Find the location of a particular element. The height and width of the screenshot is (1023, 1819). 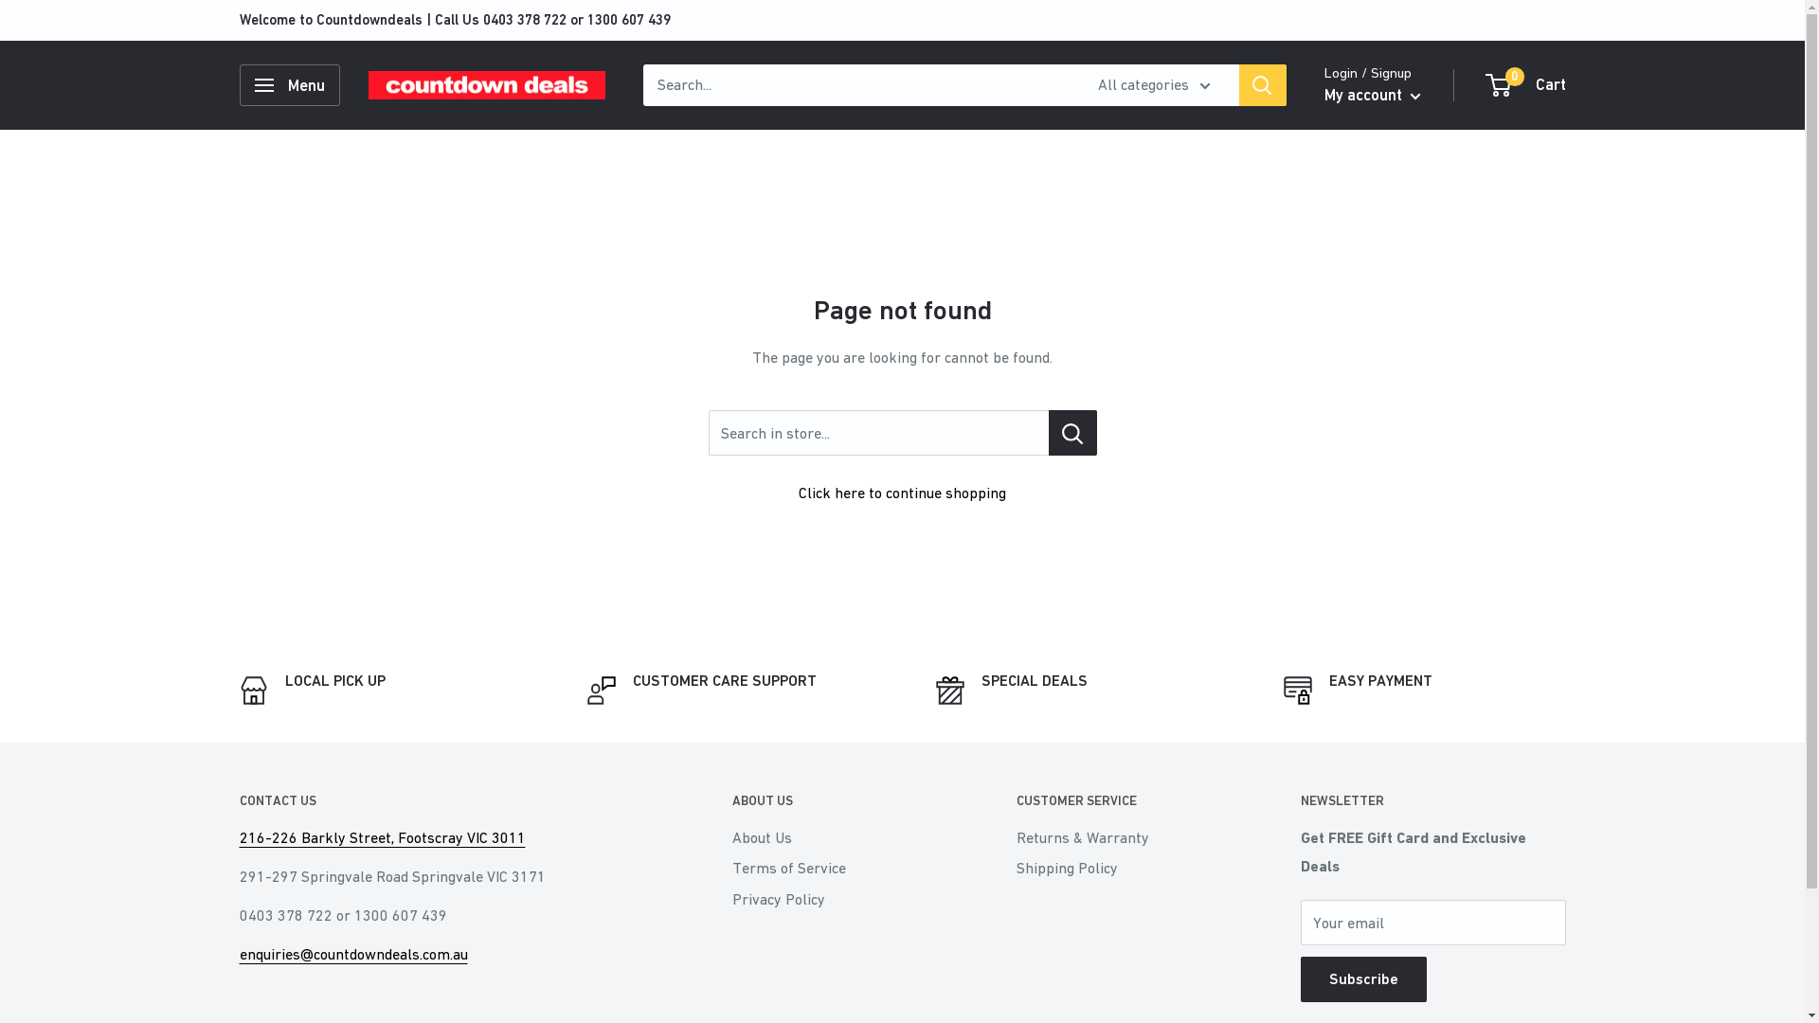

'enquiries@countdowndeals.com.au' is located at coordinates (238, 953).